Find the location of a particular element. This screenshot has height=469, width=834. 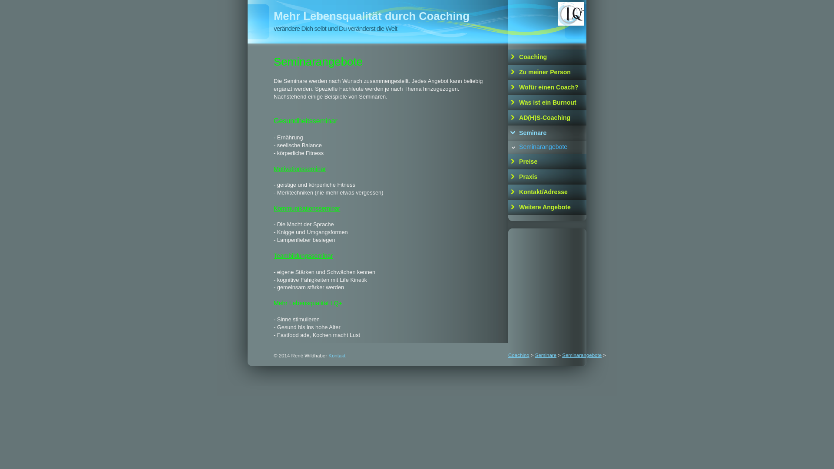

'Was ist ein Burnout' is located at coordinates (508, 102).